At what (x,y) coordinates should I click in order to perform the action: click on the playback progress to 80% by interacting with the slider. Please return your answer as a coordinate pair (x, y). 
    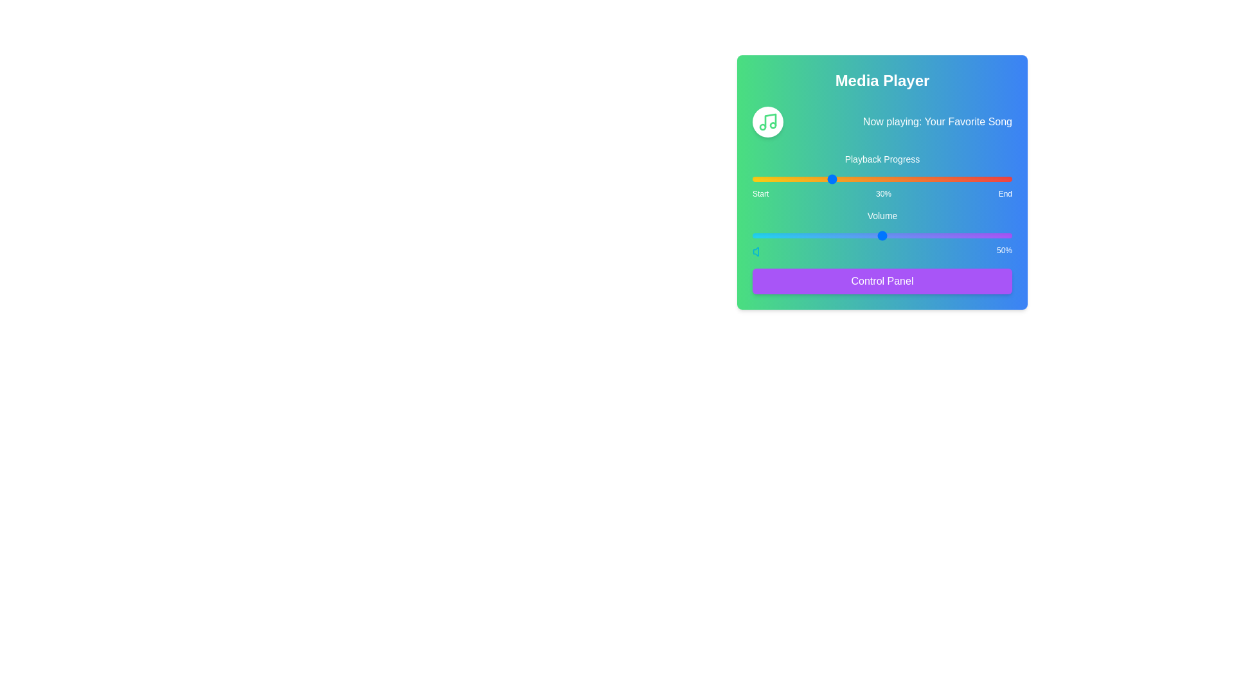
    Looking at the image, I should click on (960, 179).